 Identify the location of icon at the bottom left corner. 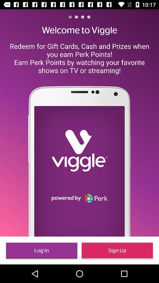
(41, 250).